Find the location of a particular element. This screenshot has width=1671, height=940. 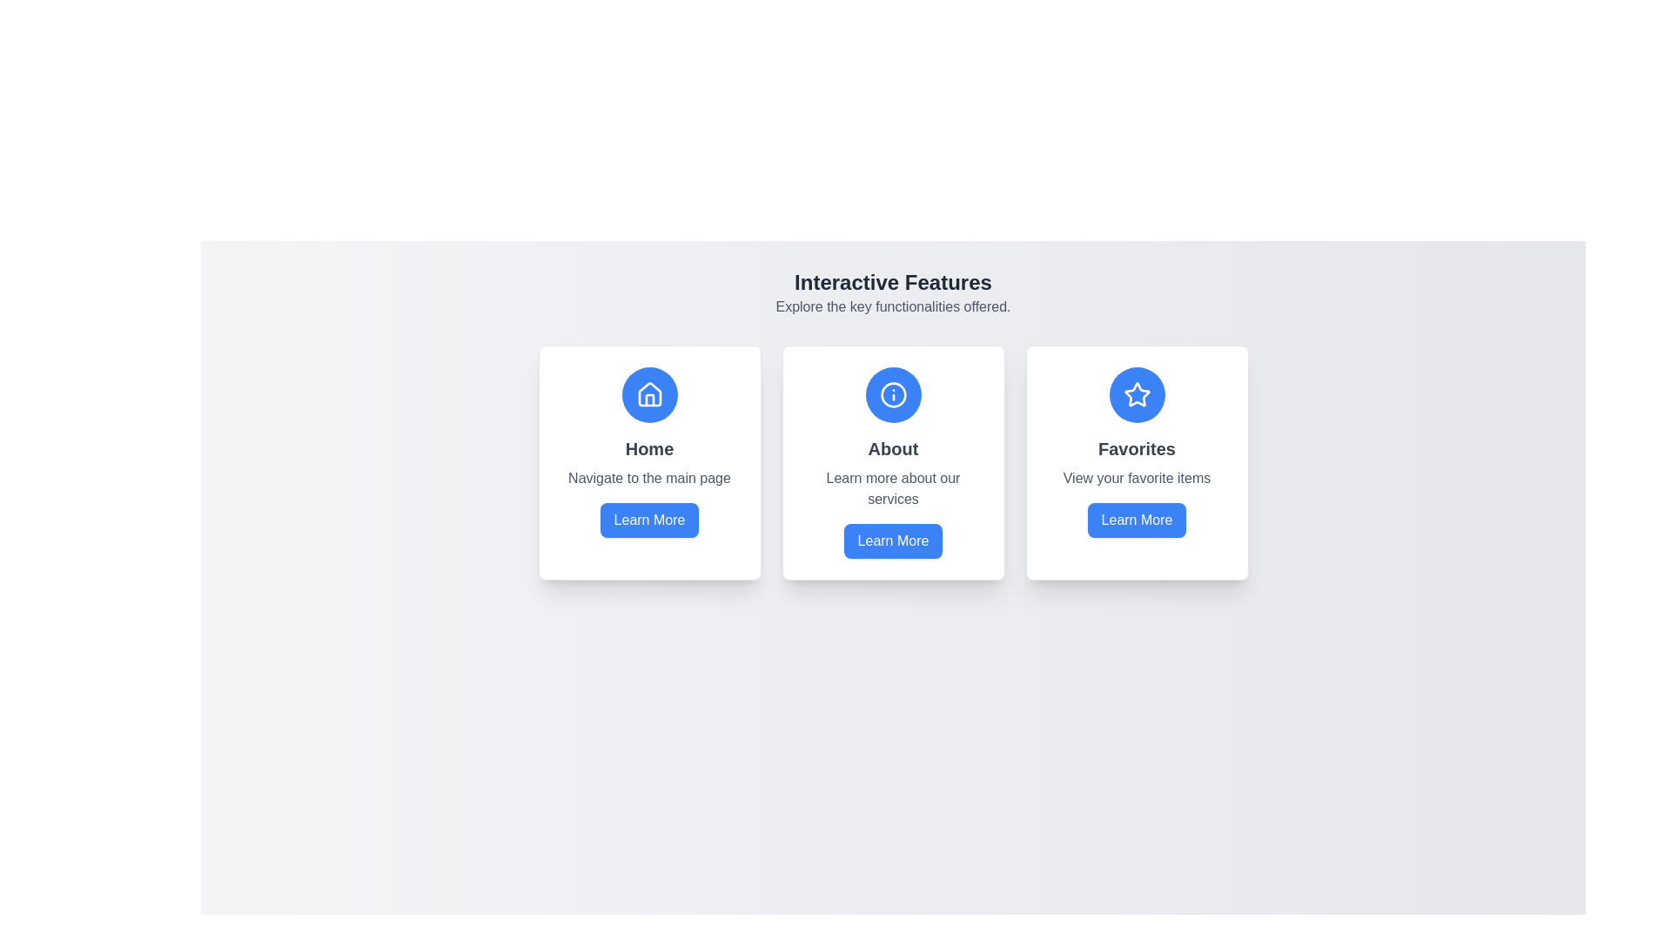

the descriptive caption text located in the third card, which provides additional context about the 'Favorites' feature, positioned below the 'Favorites' heading and above the 'Learn More' button is located at coordinates (1137, 479).